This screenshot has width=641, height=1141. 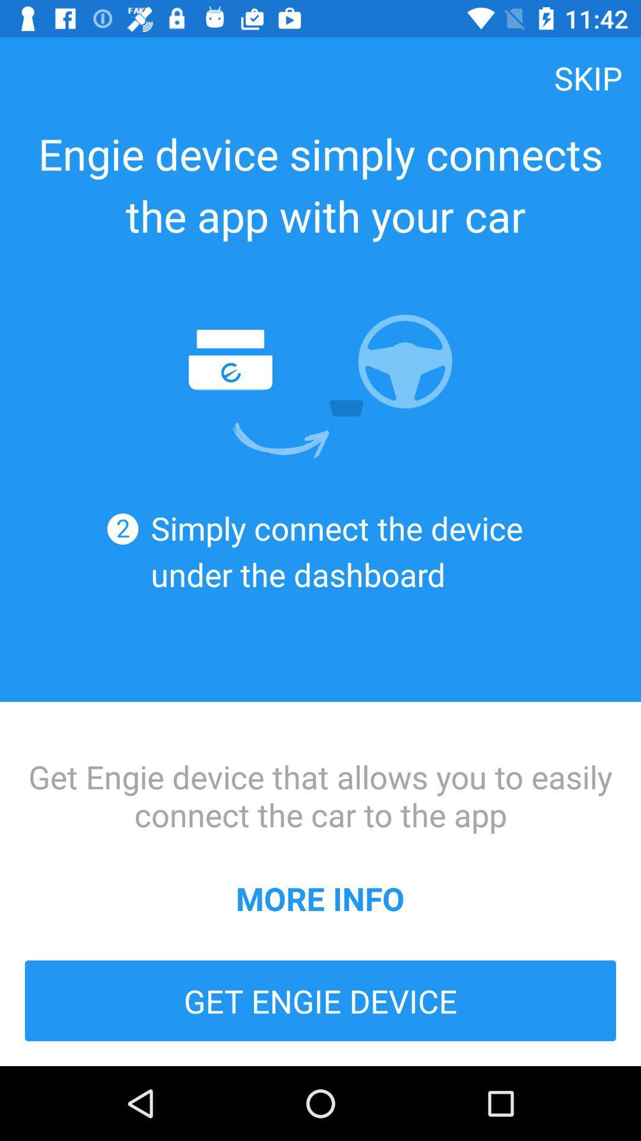 What do you see at coordinates (319, 898) in the screenshot?
I see `more info` at bounding box center [319, 898].